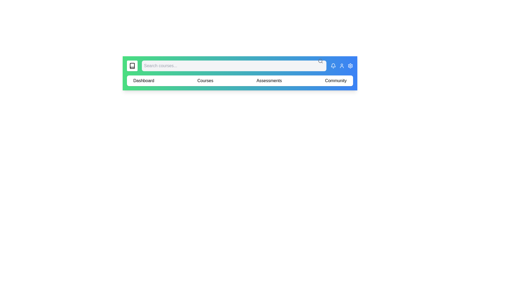  I want to click on the element labeled 'Bell Icon' to reveal its hover effect, so click(333, 65).